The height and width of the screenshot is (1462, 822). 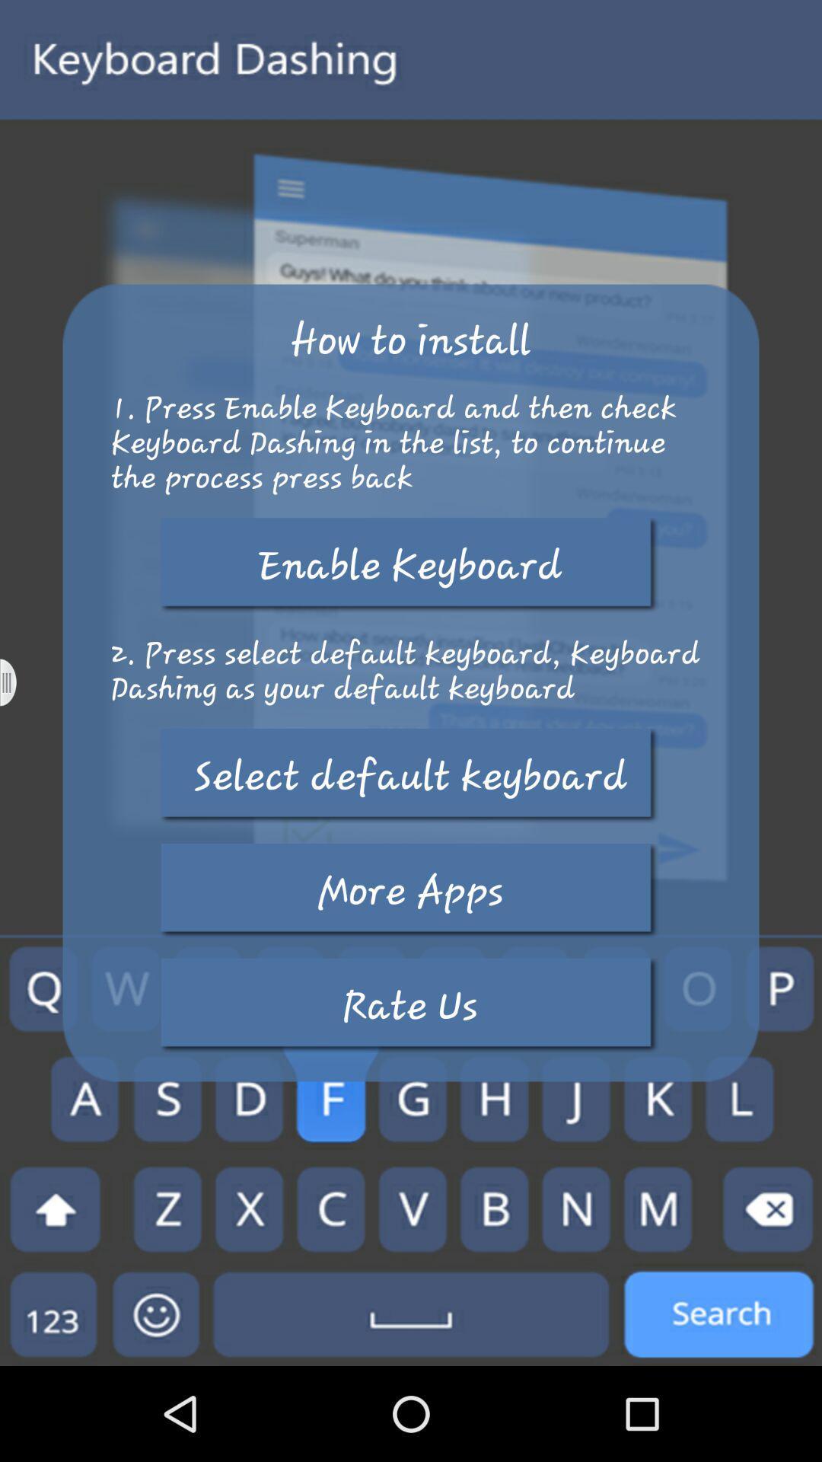 What do you see at coordinates (409, 891) in the screenshot?
I see `more apps button` at bounding box center [409, 891].